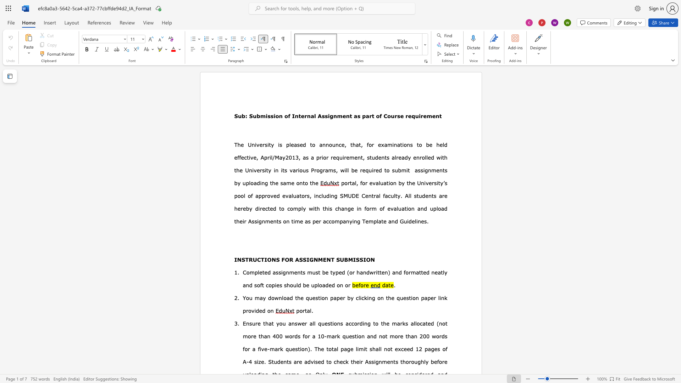 This screenshot has height=383, width=681. What do you see at coordinates (287, 272) in the screenshot?
I see `the 1th character "n" in the text` at bounding box center [287, 272].